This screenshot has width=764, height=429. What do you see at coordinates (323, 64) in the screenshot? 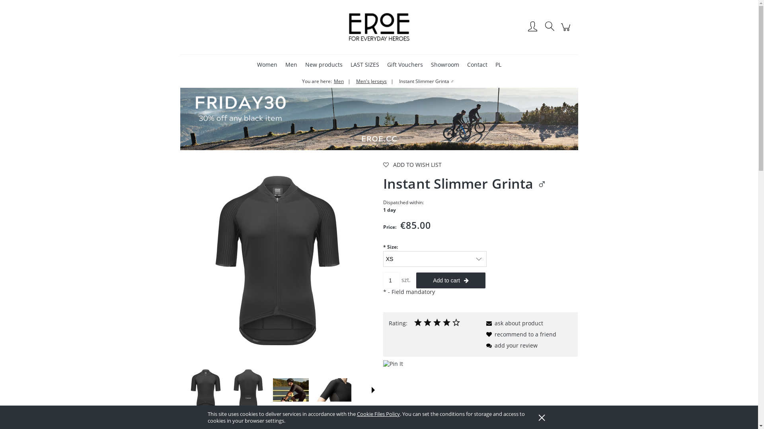
I see `'New products'` at bounding box center [323, 64].